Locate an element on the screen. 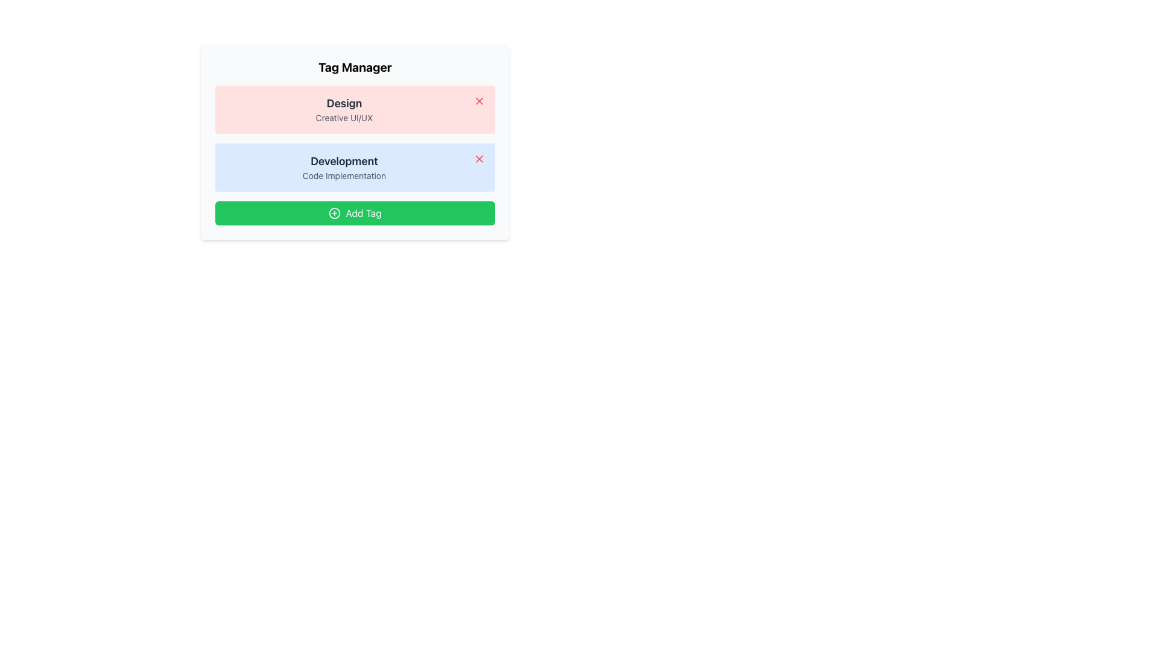  the 'Add Tag' button located at the bottom of the 'Tag Manager' card is located at coordinates (355, 213).